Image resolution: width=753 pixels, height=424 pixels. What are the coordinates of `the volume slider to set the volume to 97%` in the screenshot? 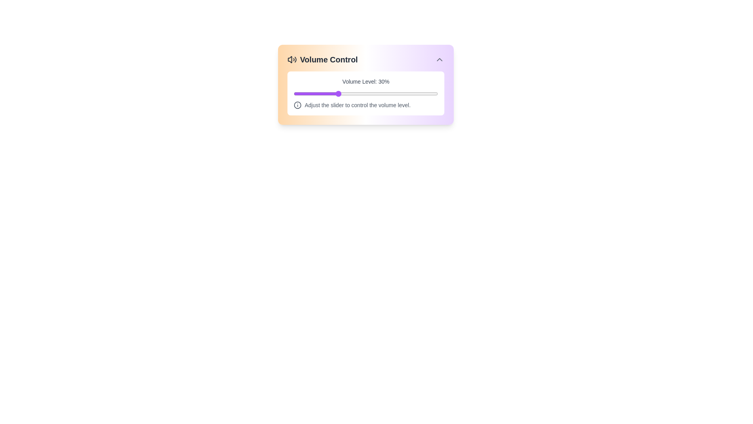 It's located at (433, 93).